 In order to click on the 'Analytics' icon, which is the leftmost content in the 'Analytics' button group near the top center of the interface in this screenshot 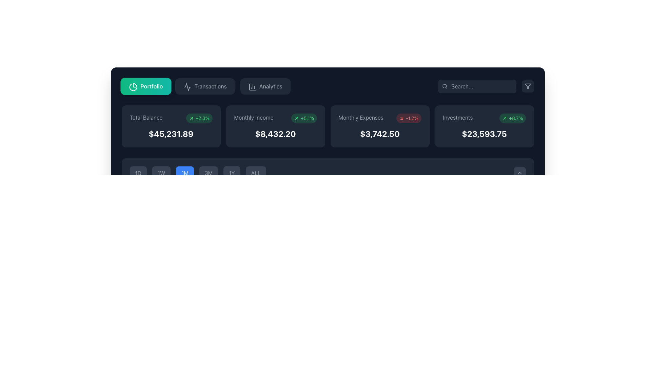, I will do `click(251, 86)`.